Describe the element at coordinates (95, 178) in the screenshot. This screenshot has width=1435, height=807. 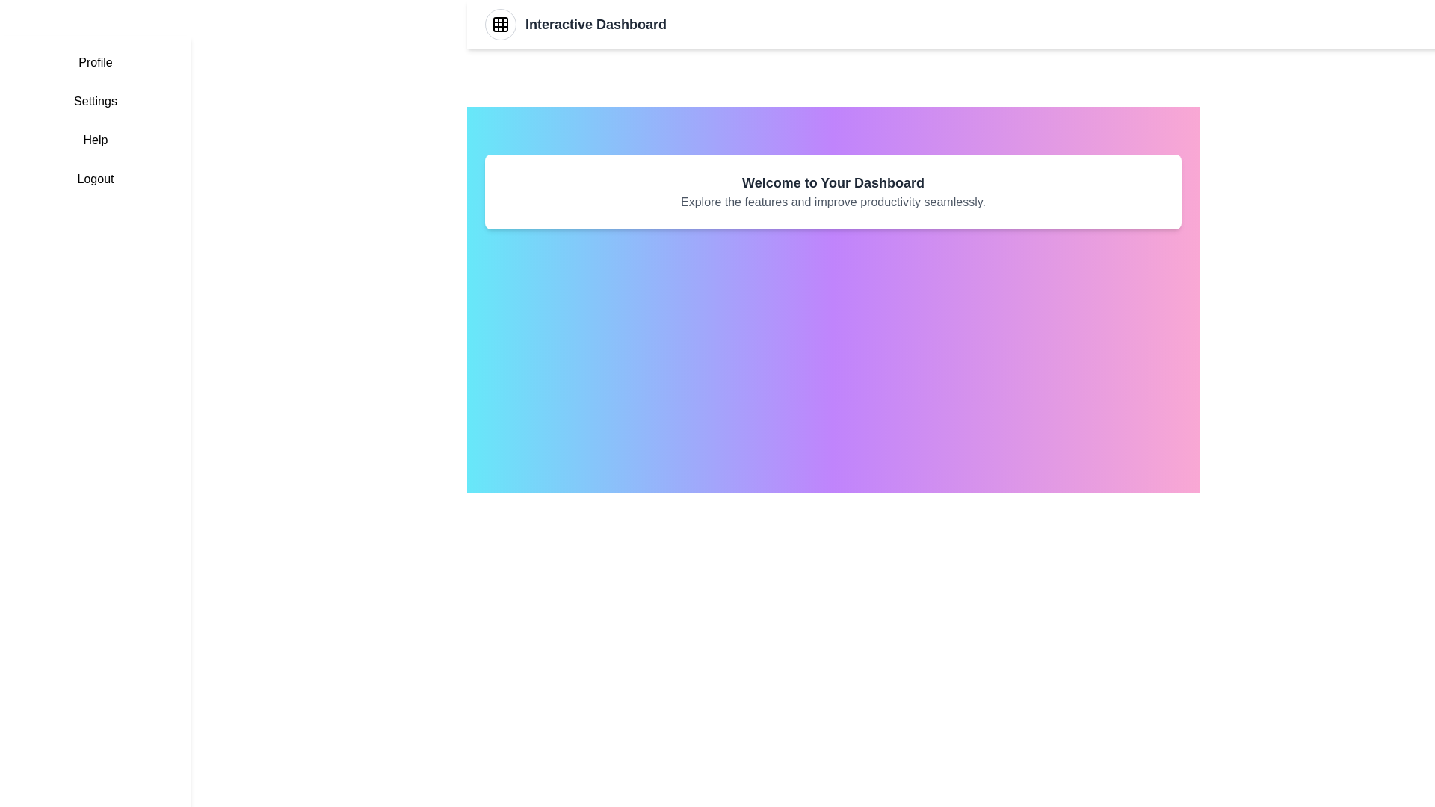
I see `the sidebar menu item labeled Logout` at that location.